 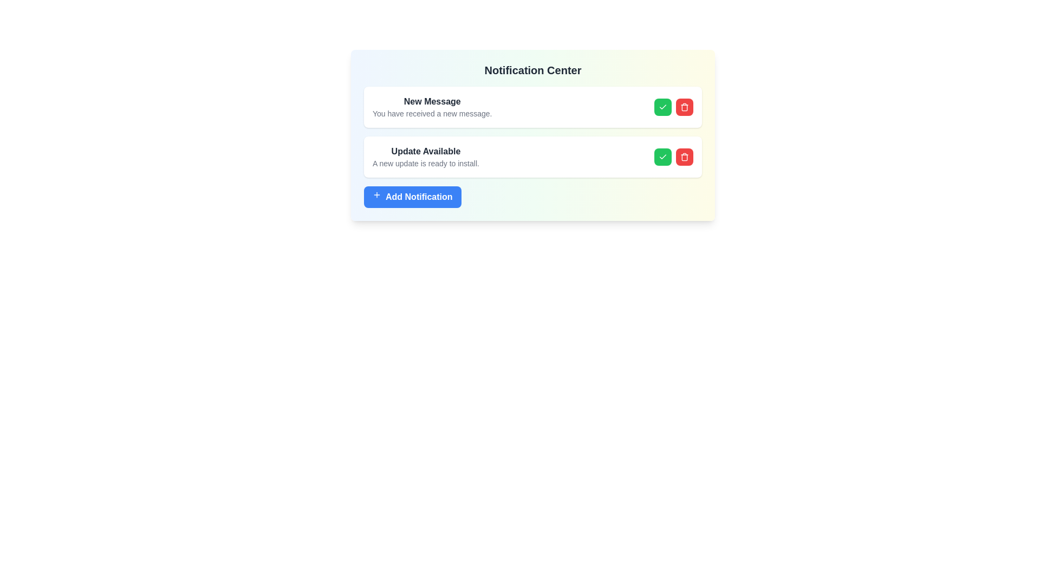 I want to click on the text element that reads 'You have received a new message.' which is styled in gray color and located beneath the heading 'New Message' in the Notification Center, so click(x=432, y=113).